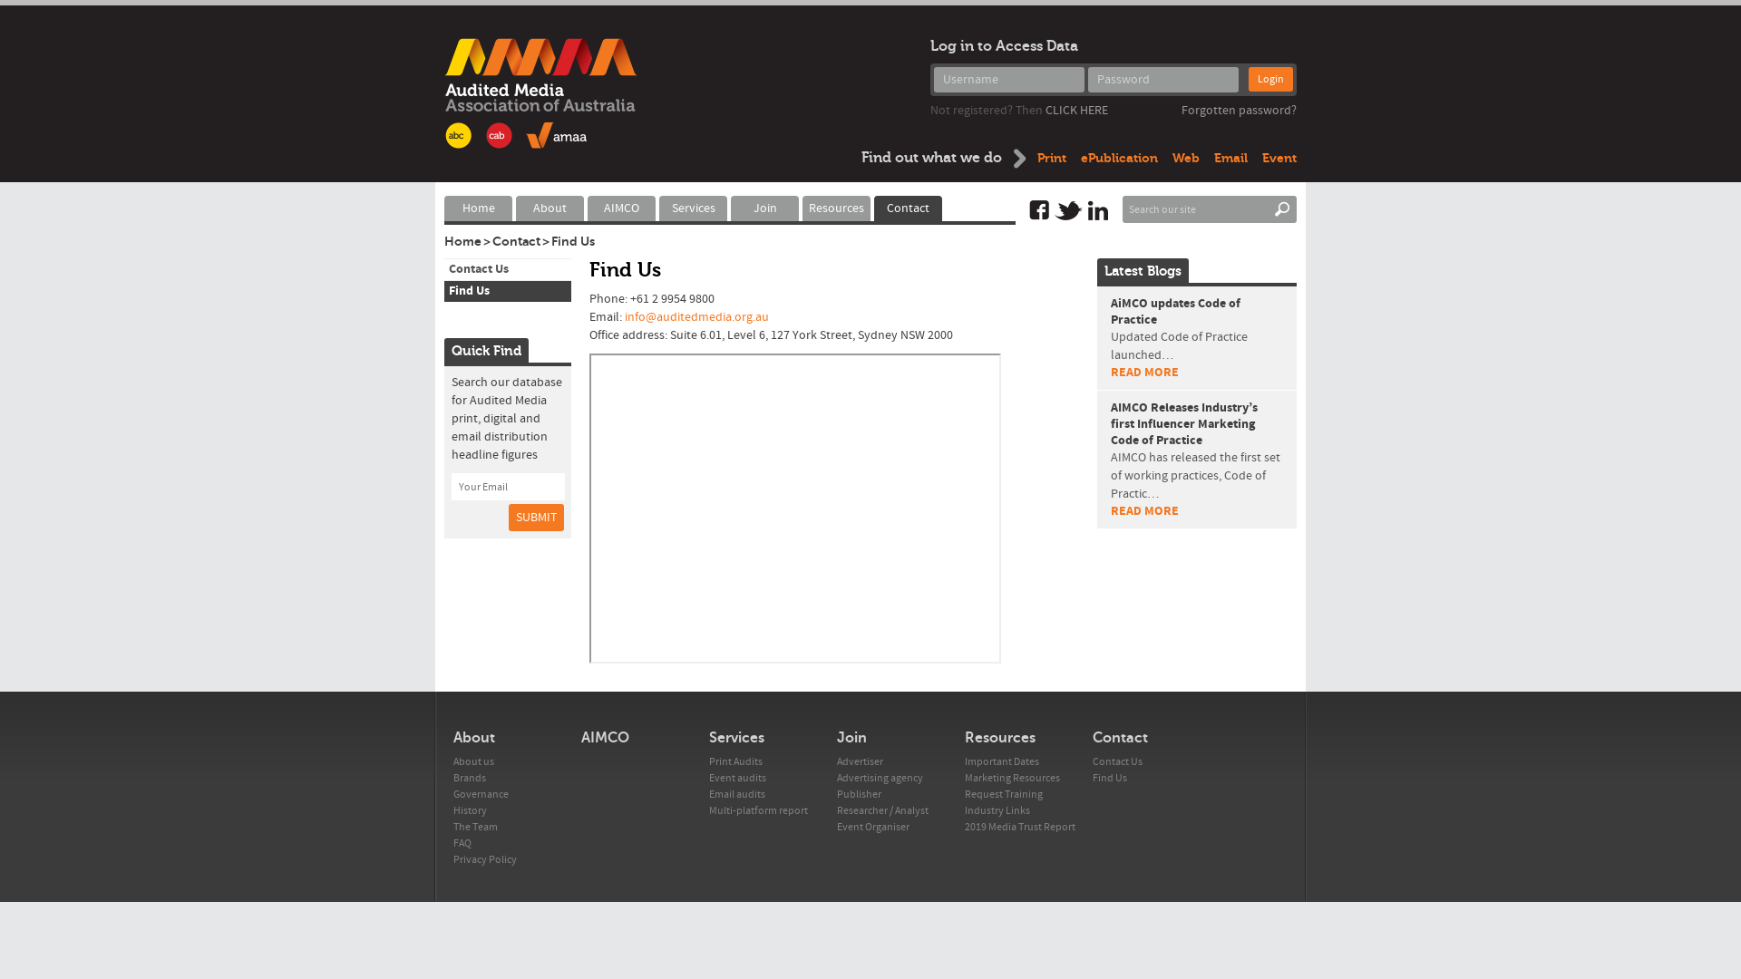  Describe the element at coordinates (452, 793) in the screenshot. I see `'Governance'` at that location.